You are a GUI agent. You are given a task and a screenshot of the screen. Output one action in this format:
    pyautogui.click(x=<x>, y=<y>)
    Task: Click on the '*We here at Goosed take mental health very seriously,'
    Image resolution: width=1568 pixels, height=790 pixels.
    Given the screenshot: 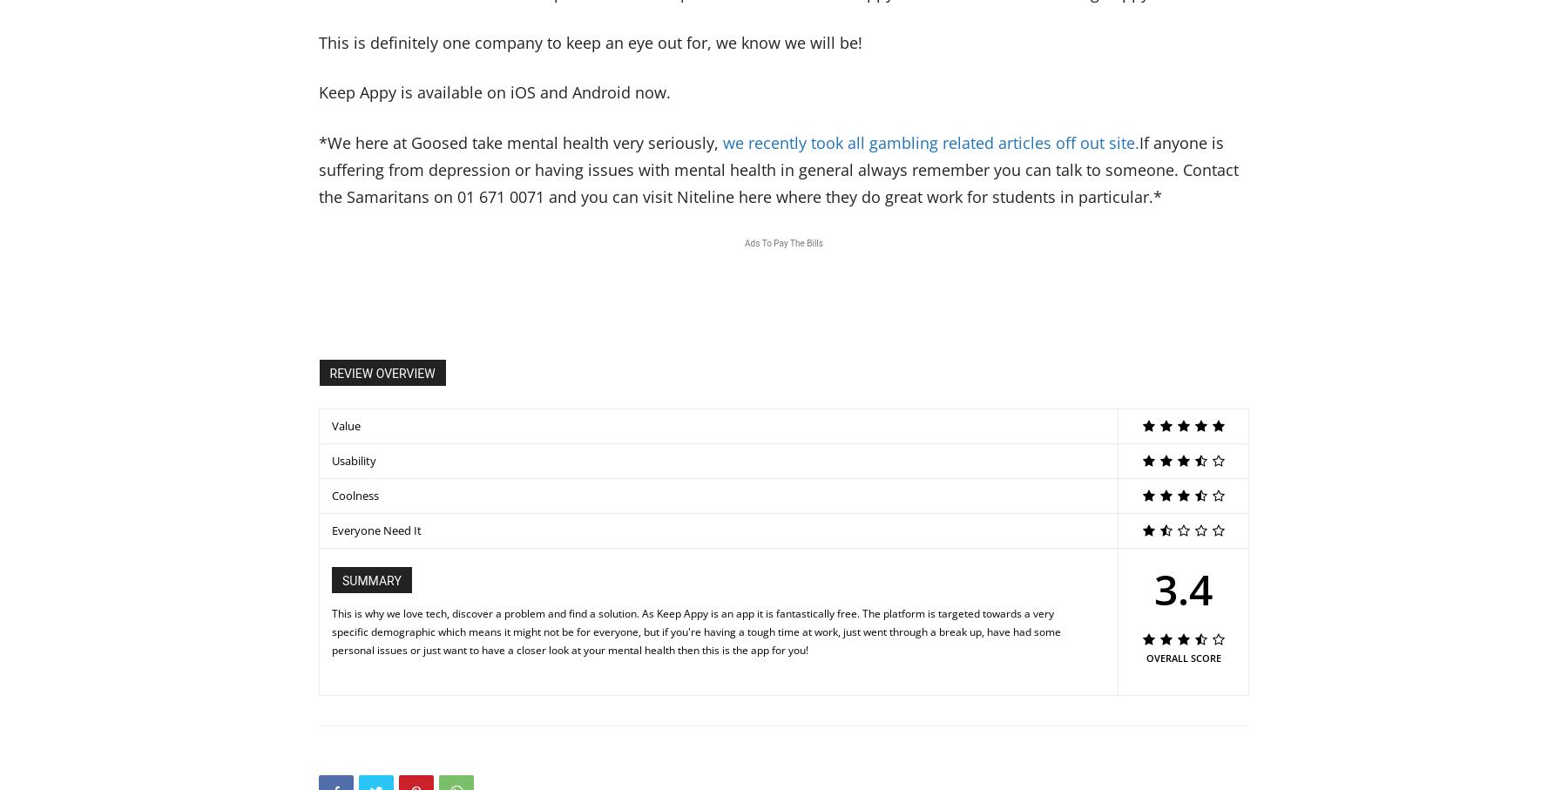 What is the action you would take?
    pyautogui.click(x=520, y=141)
    